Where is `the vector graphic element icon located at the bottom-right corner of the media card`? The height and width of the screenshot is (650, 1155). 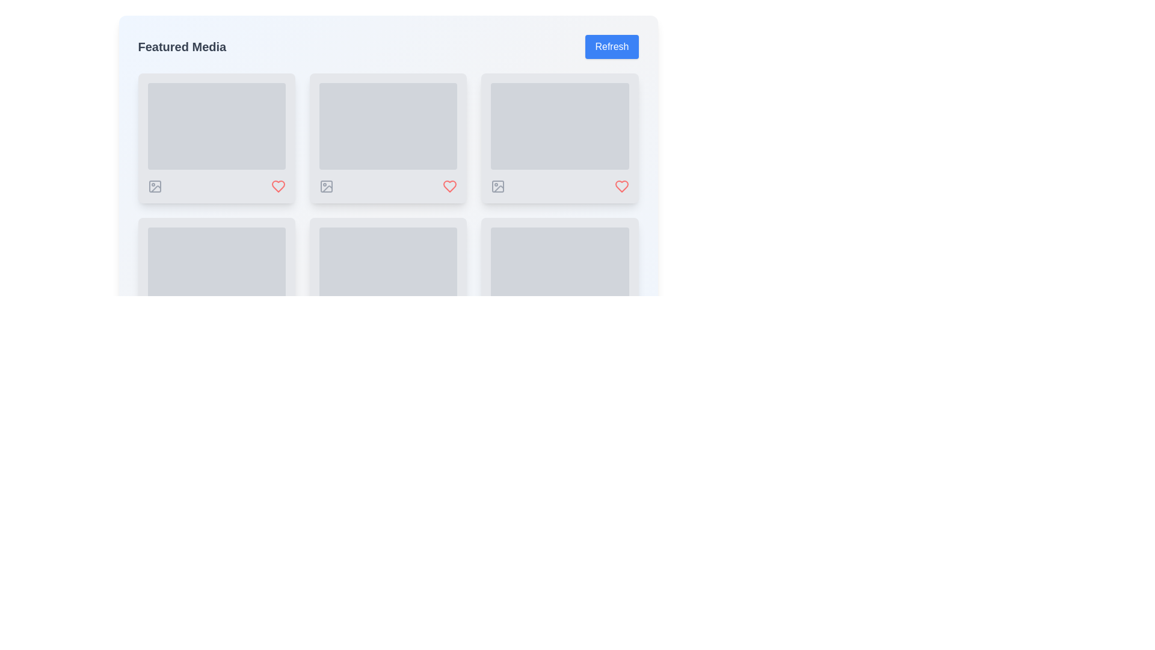 the vector graphic element icon located at the bottom-right corner of the media card is located at coordinates (499, 189).